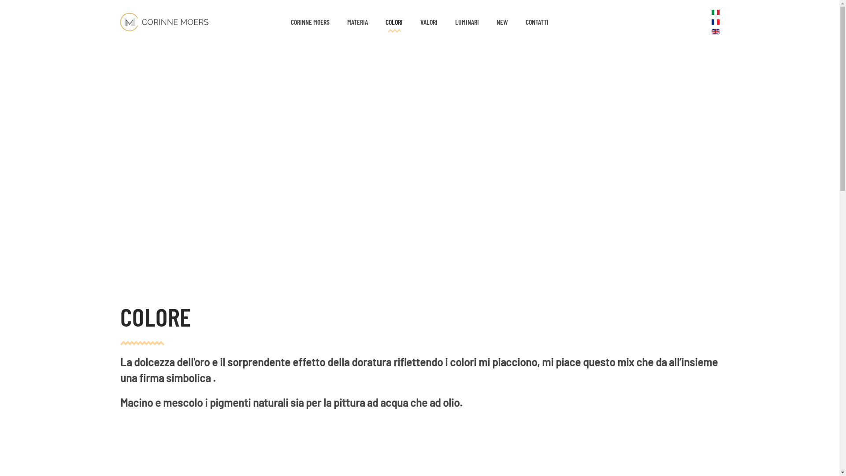  Describe the element at coordinates (467, 22) in the screenshot. I see `'LUMINARI'` at that location.